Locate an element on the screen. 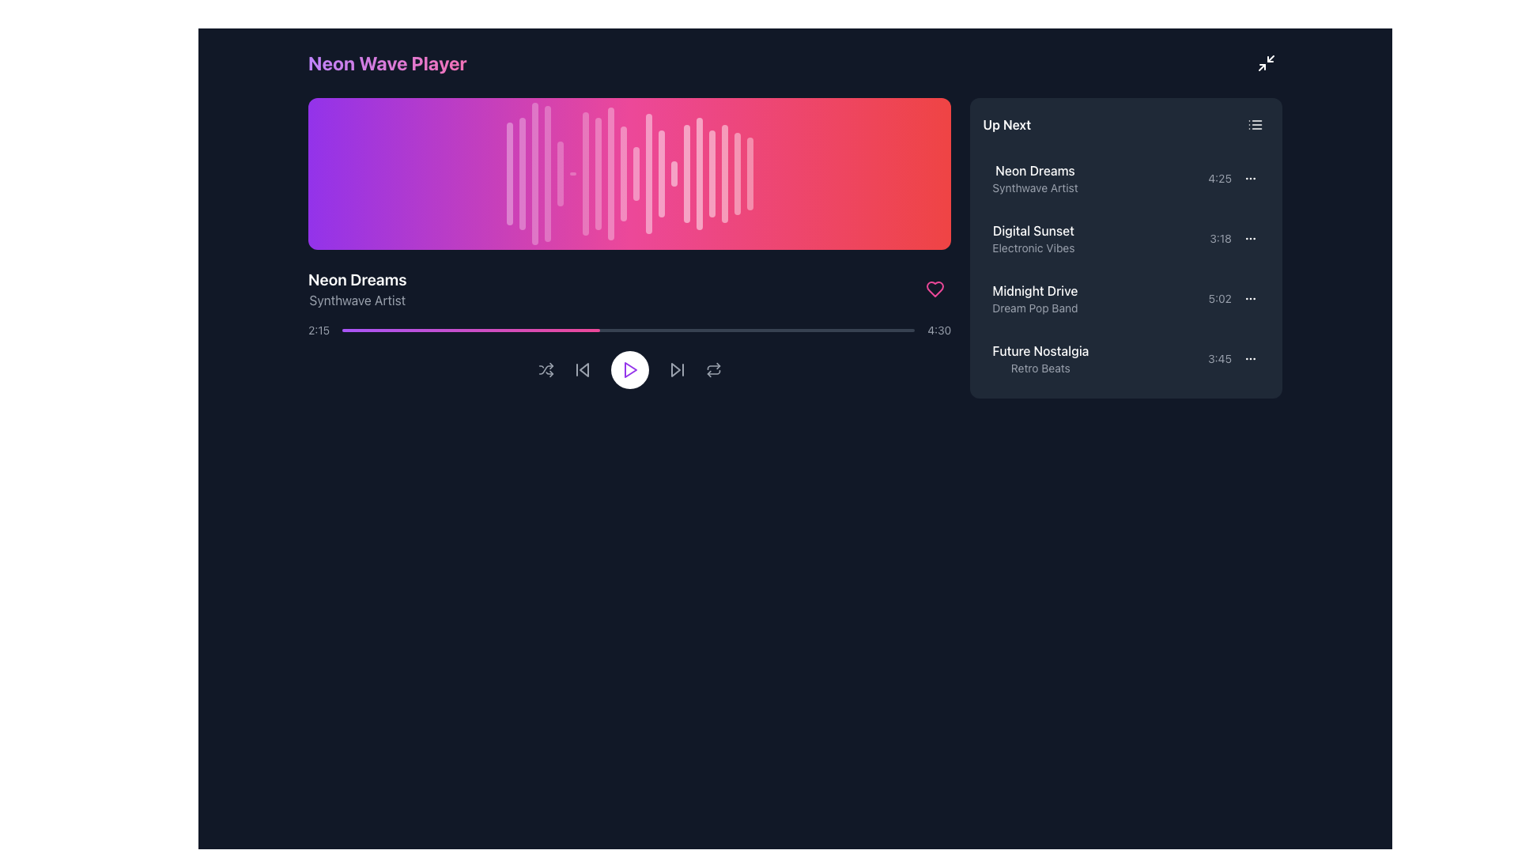  the animation of the eleventh vertical bar in the waveform display, which is styled white with rounded edges and is positioned towards the middle-right of the interface is located at coordinates (636, 173).